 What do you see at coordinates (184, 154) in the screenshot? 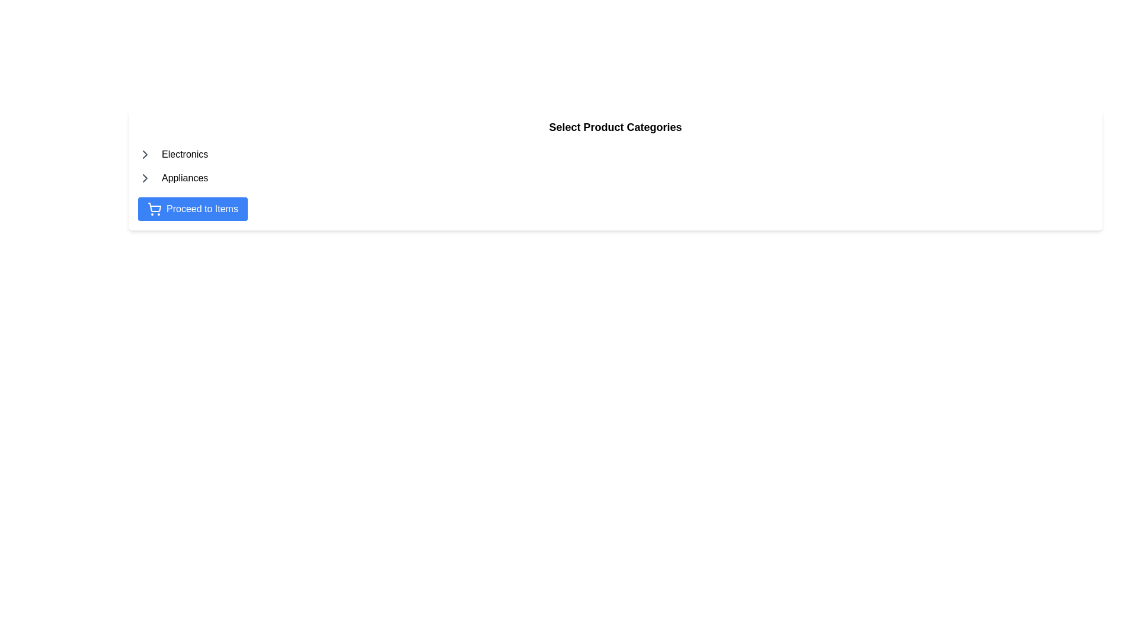
I see `the Text label that serves as a category header, positioned to the right of a small triangular icon and above the 'Appliances' list item` at bounding box center [184, 154].